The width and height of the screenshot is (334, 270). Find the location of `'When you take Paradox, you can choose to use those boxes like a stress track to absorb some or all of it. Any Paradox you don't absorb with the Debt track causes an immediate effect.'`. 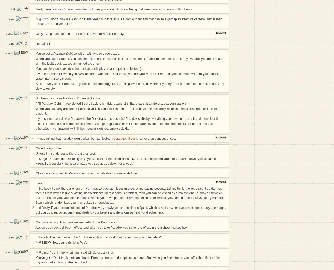

'When you take Paradox, you can choose to use those boxes like a stress track to absorb some or all of it. Any Paradox you don't absorb with the Debt track causes an immediate effect.' is located at coordinates (130, 61).